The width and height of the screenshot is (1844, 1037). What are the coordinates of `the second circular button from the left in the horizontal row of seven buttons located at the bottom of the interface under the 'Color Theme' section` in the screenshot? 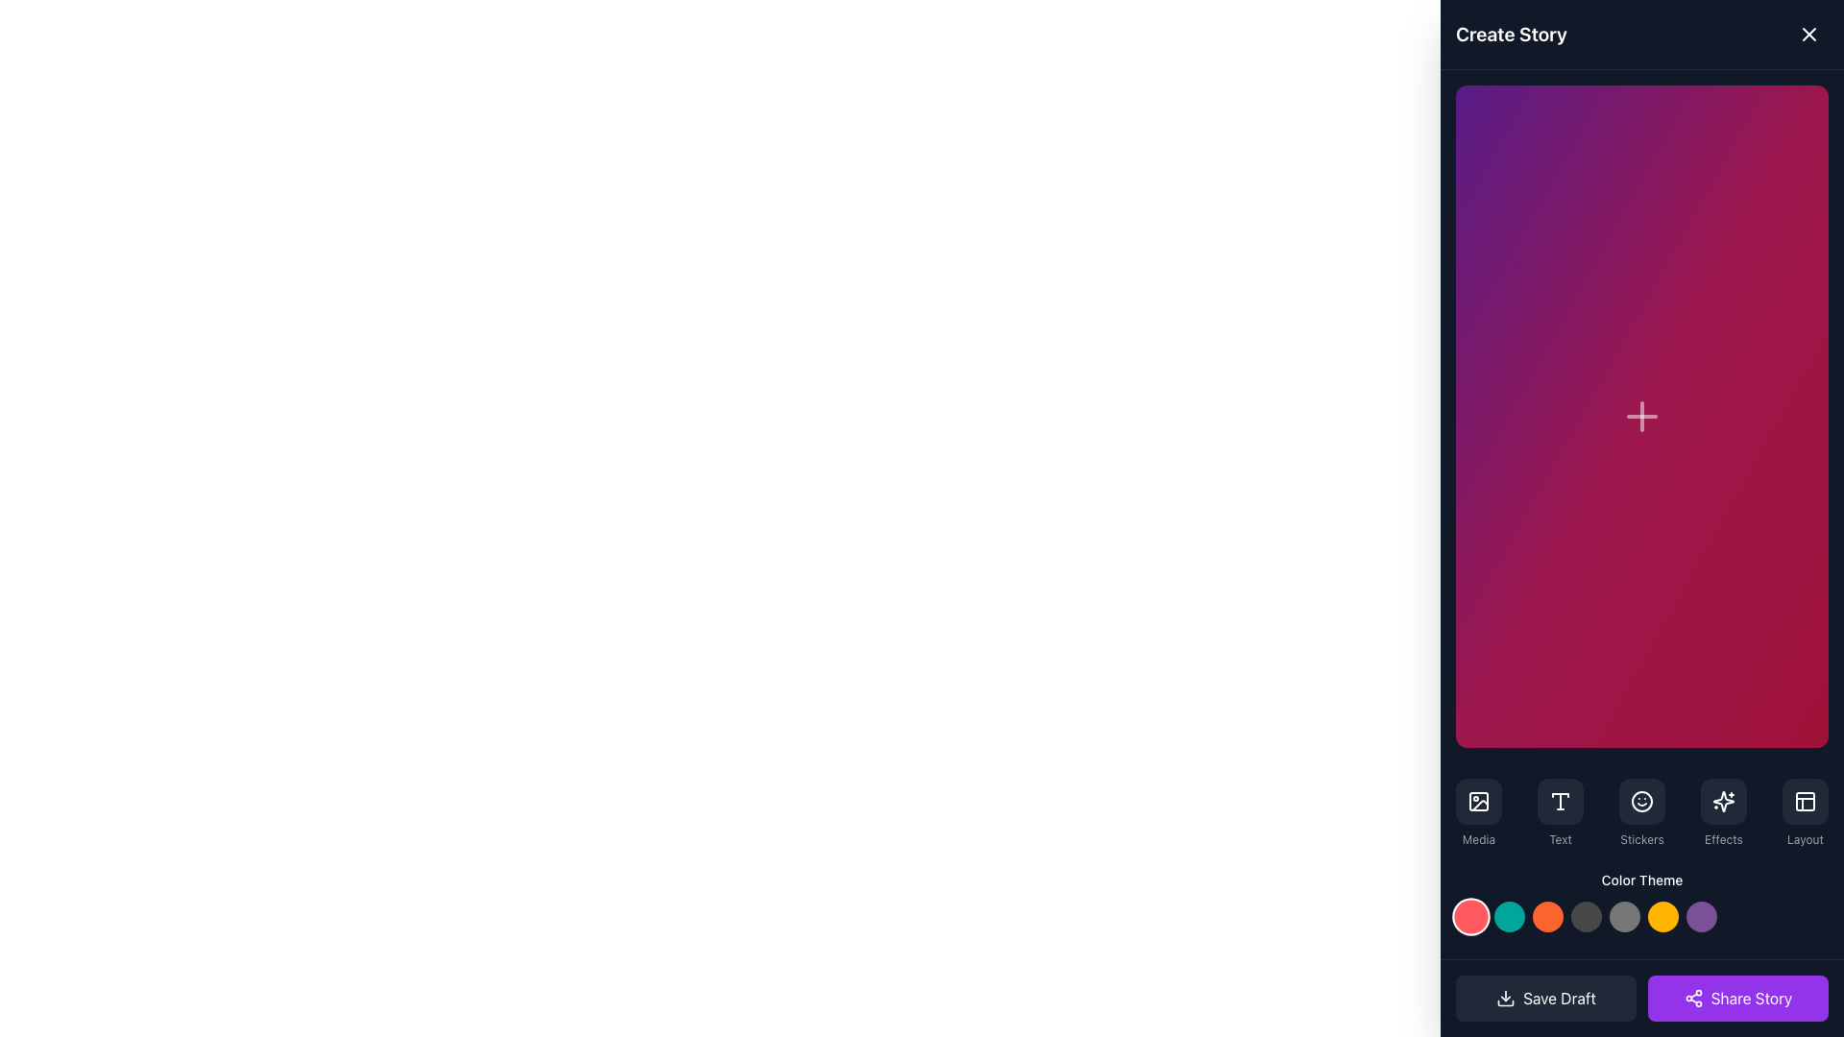 It's located at (1508, 914).